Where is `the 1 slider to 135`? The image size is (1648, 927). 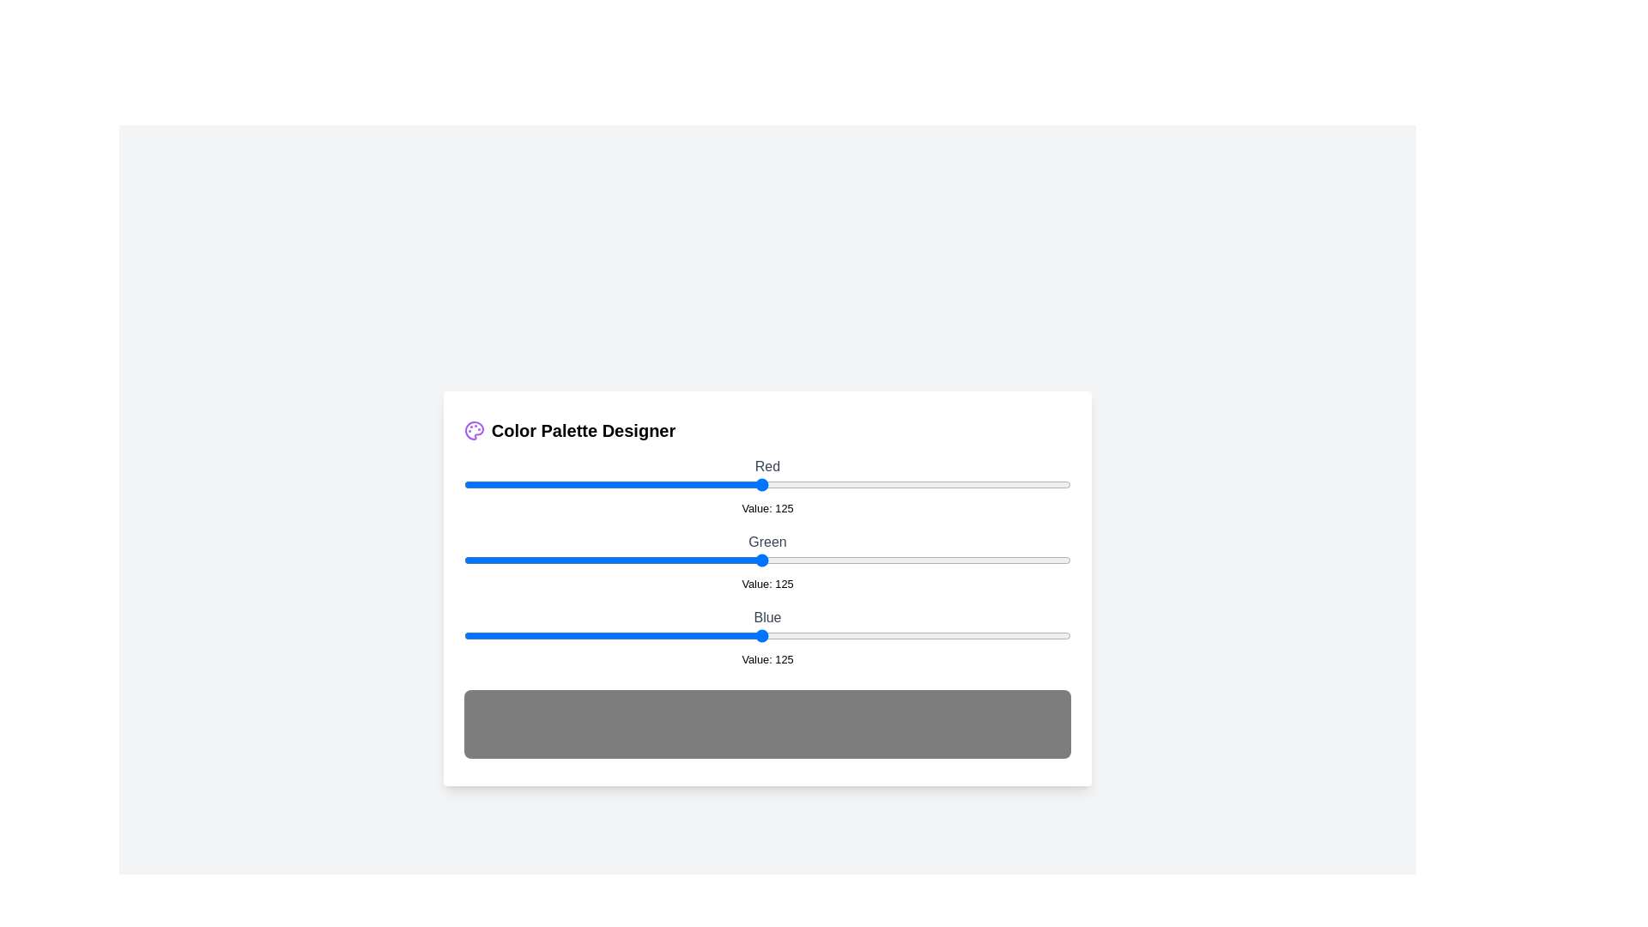
the 1 slider to 135 is located at coordinates (785, 560).